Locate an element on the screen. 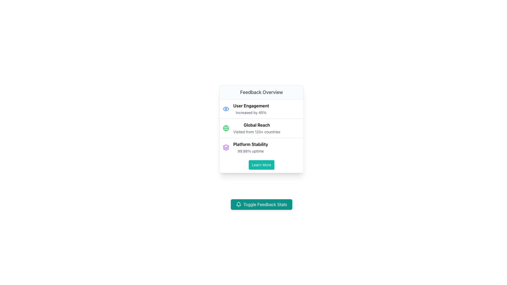 This screenshot has height=285, width=507. the text label 'Platform Stability' which is displayed in bold black font within the 'Feedback Overview' card, located in the third row, aligned to the left is located at coordinates (250, 144).